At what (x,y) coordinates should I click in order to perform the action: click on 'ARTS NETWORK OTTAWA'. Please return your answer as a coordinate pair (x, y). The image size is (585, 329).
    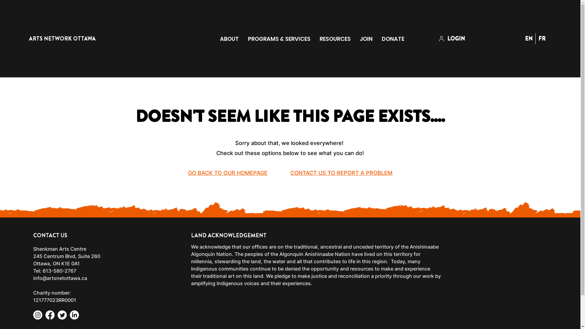
    Looking at the image, I should click on (62, 39).